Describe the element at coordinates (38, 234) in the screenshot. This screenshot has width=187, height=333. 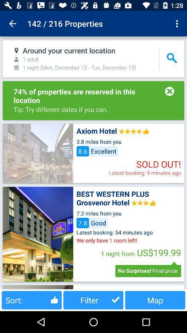
I see `image for hotel` at that location.